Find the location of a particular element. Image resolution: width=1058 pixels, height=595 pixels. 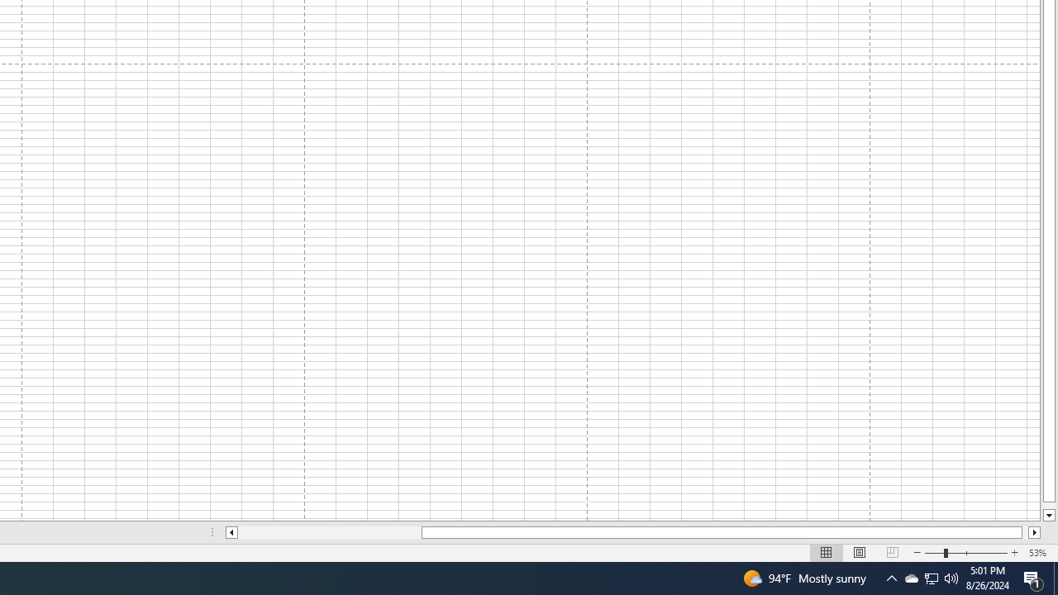

'Page right' is located at coordinates (1024, 532).